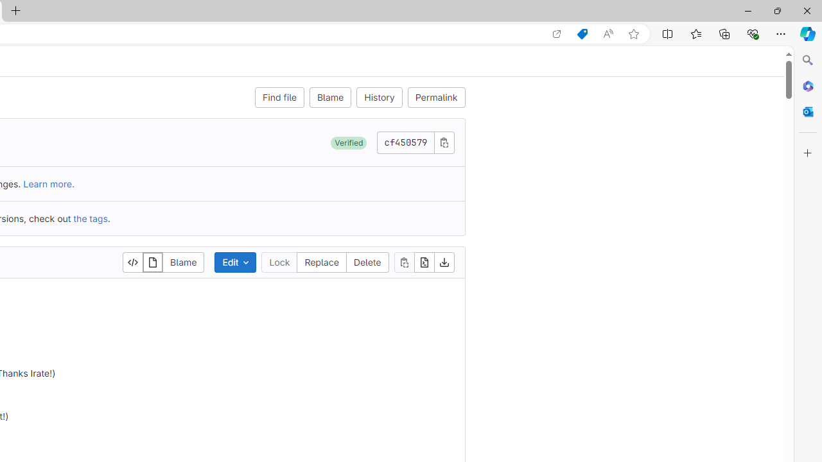 This screenshot has width=822, height=462. What do you see at coordinates (436, 96) in the screenshot?
I see `'Permalink'` at bounding box center [436, 96].